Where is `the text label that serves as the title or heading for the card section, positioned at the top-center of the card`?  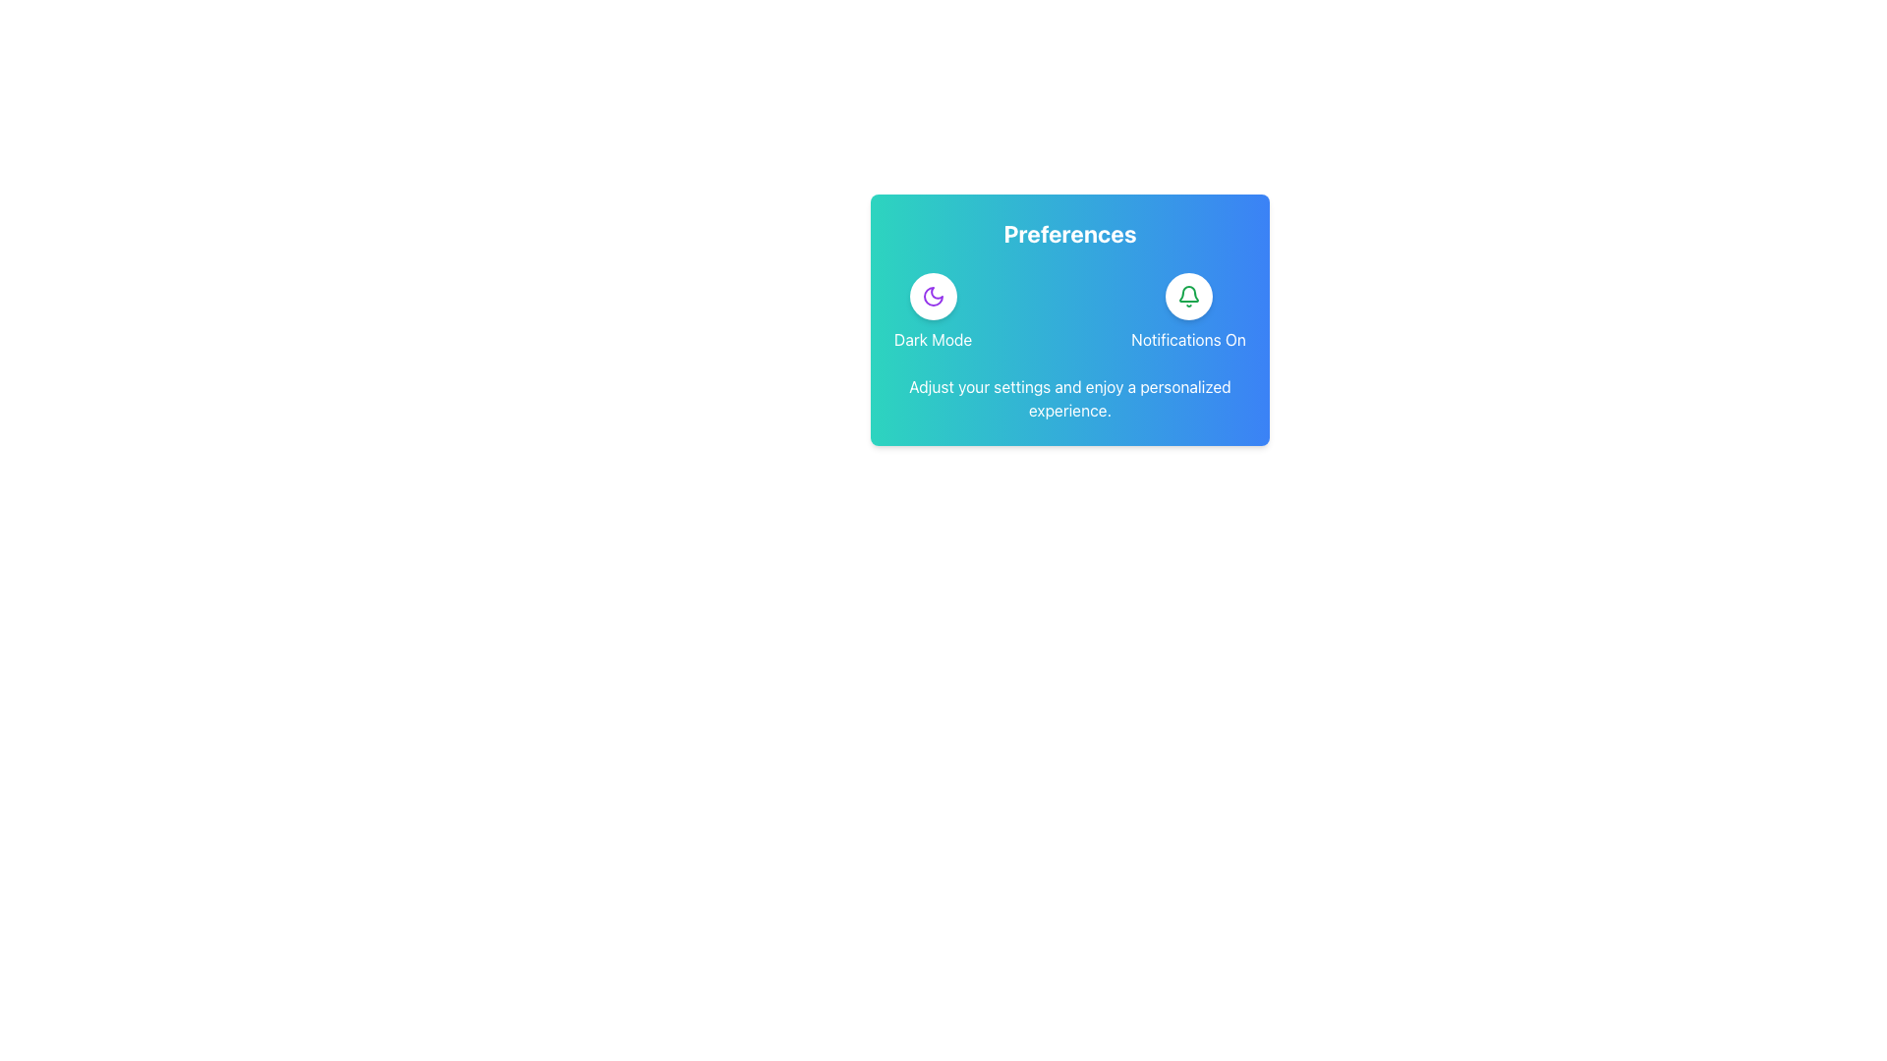
the text label that serves as the title or heading for the card section, positioned at the top-center of the card is located at coordinates (1069, 233).